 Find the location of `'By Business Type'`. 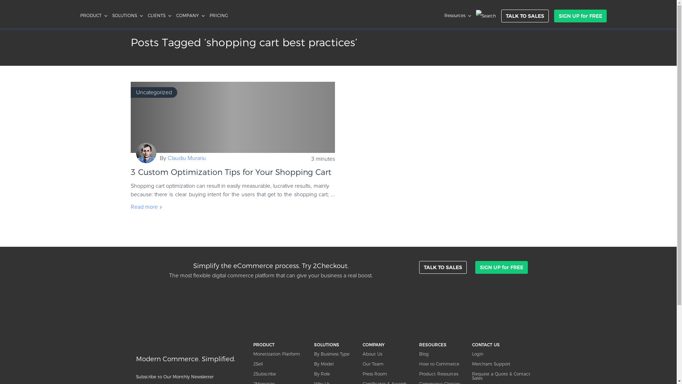

'By Business Type' is located at coordinates (313, 354).